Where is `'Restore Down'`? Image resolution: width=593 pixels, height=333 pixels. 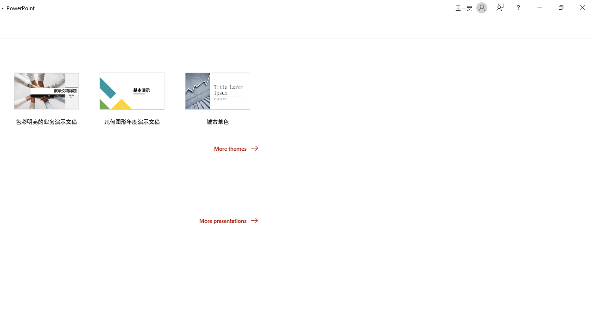
'Restore Down' is located at coordinates (560, 7).